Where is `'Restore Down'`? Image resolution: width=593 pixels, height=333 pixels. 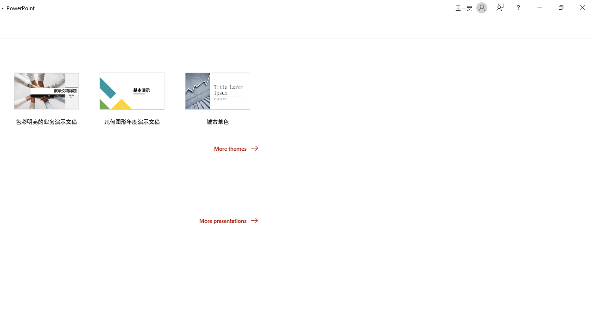
'Restore Down' is located at coordinates (560, 7).